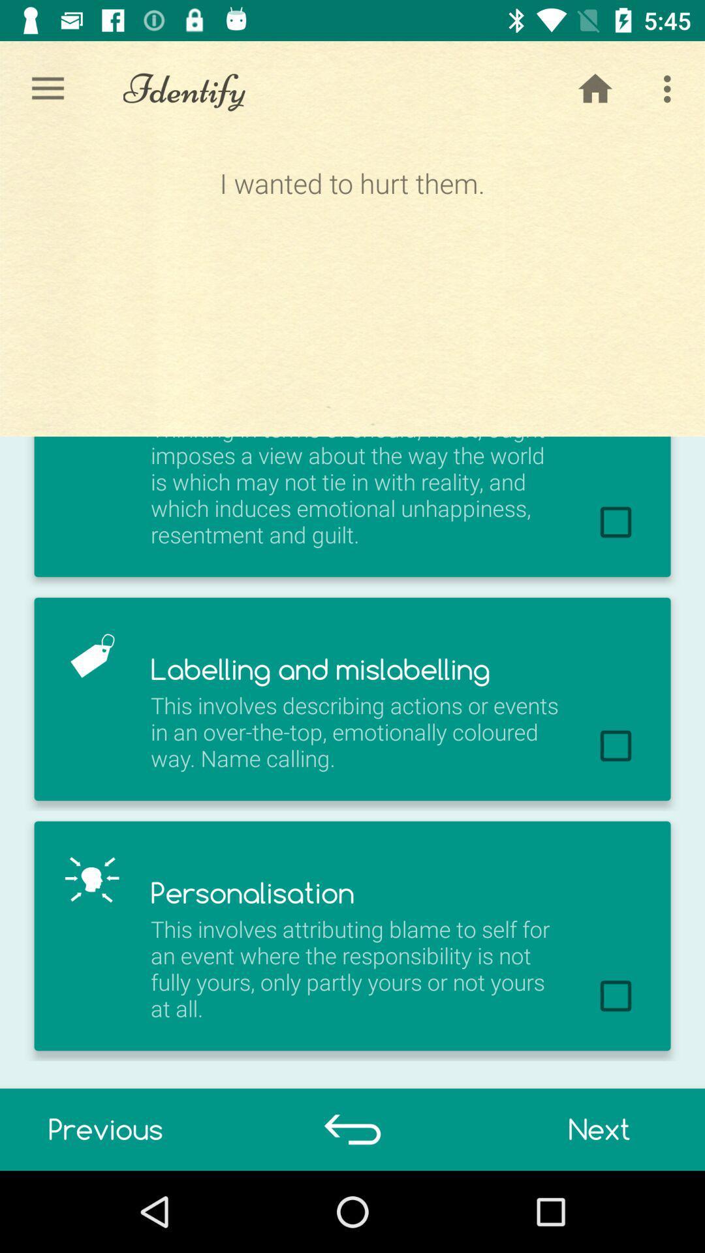  What do you see at coordinates (595, 88) in the screenshot?
I see `the item to the right of the identify icon` at bounding box center [595, 88].